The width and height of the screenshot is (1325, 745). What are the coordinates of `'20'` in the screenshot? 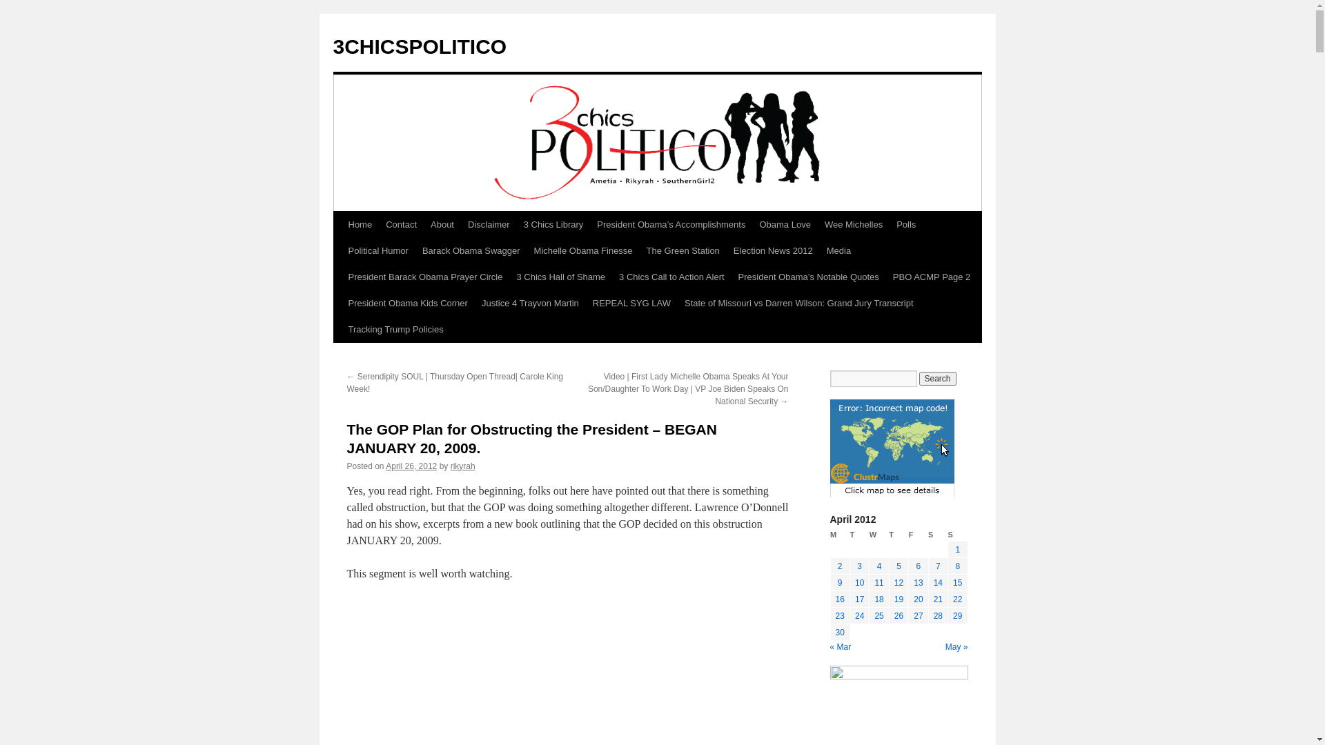 It's located at (918, 598).